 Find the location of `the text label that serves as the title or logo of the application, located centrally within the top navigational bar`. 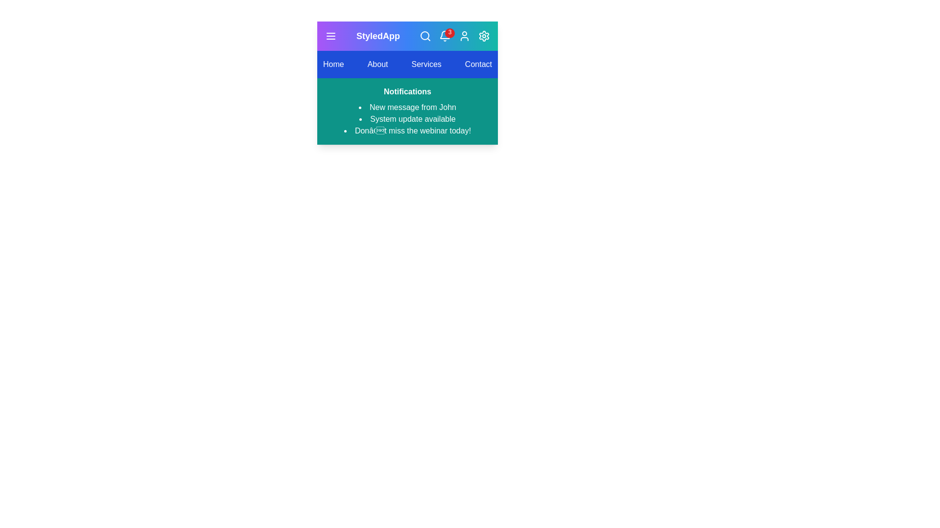

the text label that serves as the title or logo of the application, located centrally within the top navigational bar is located at coordinates (377, 35).